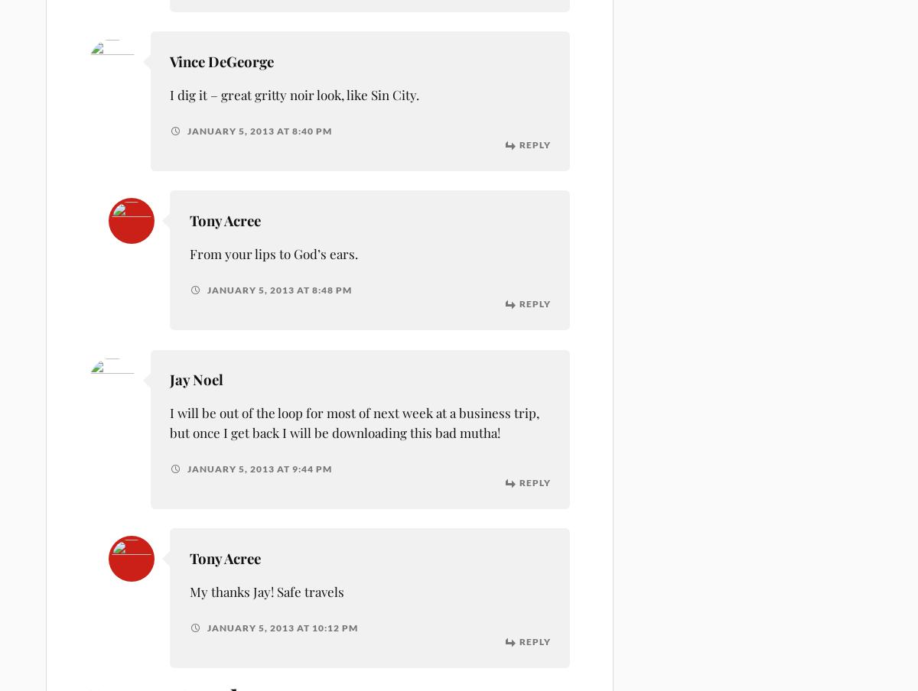 The width and height of the screenshot is (918, 691). Describe the element at coordinates (353, 422) in the screenshot. I see `'I will be out of the loop for most of next week at a business trip, but once I get back I will be downloading this bad mutha!'` at that location.